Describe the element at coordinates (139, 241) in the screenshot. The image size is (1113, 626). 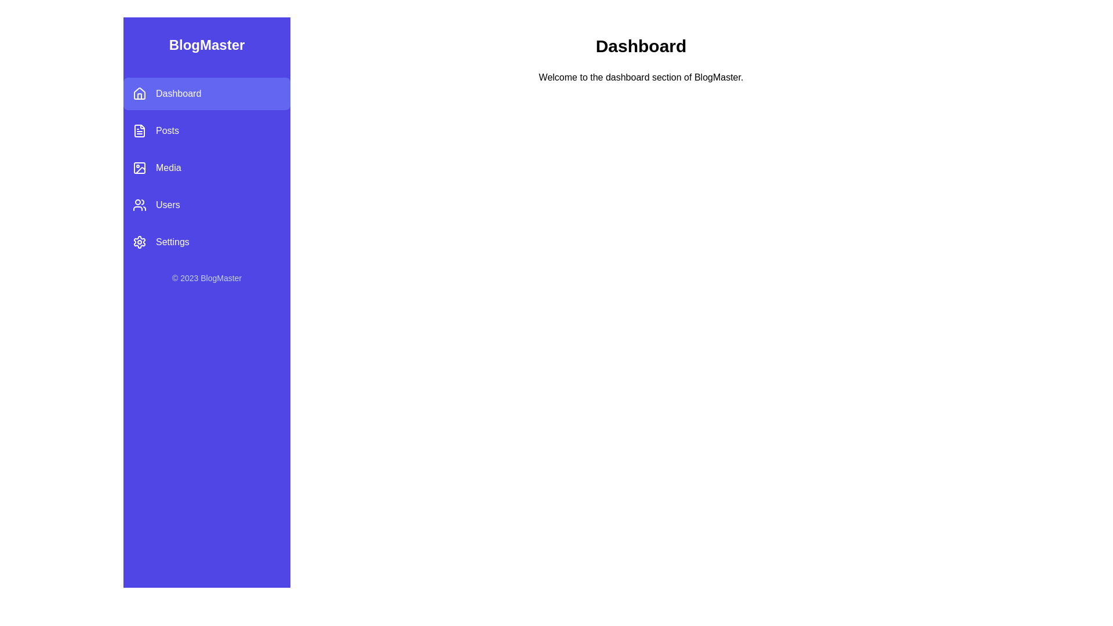
I see `the cogwheel icon labeled 'Settings' located at the bottom of the vertical navigation menu` at that location.